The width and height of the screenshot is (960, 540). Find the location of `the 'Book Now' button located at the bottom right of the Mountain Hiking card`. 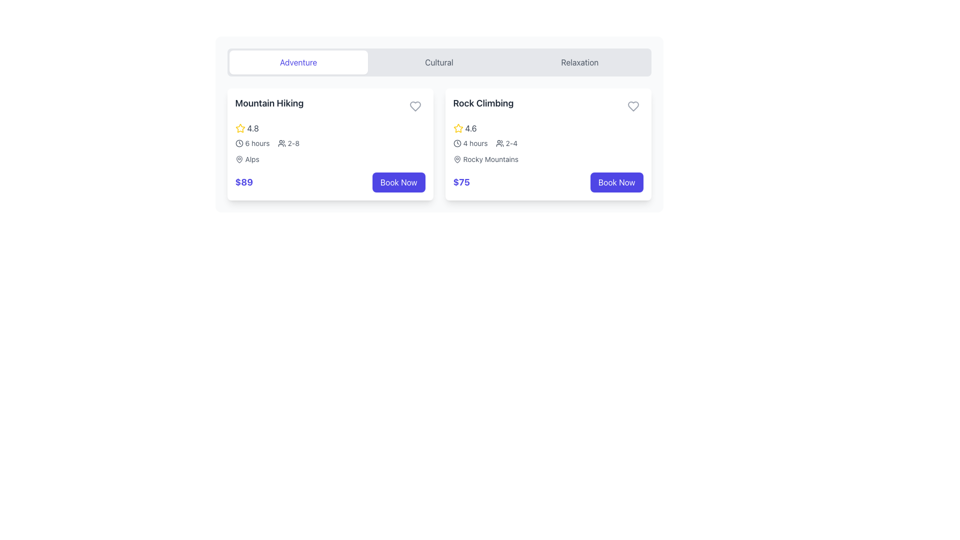

the 'Book Now' button located at the bottom right of the Mountain Hiking card is located at coordinates (398, 182).